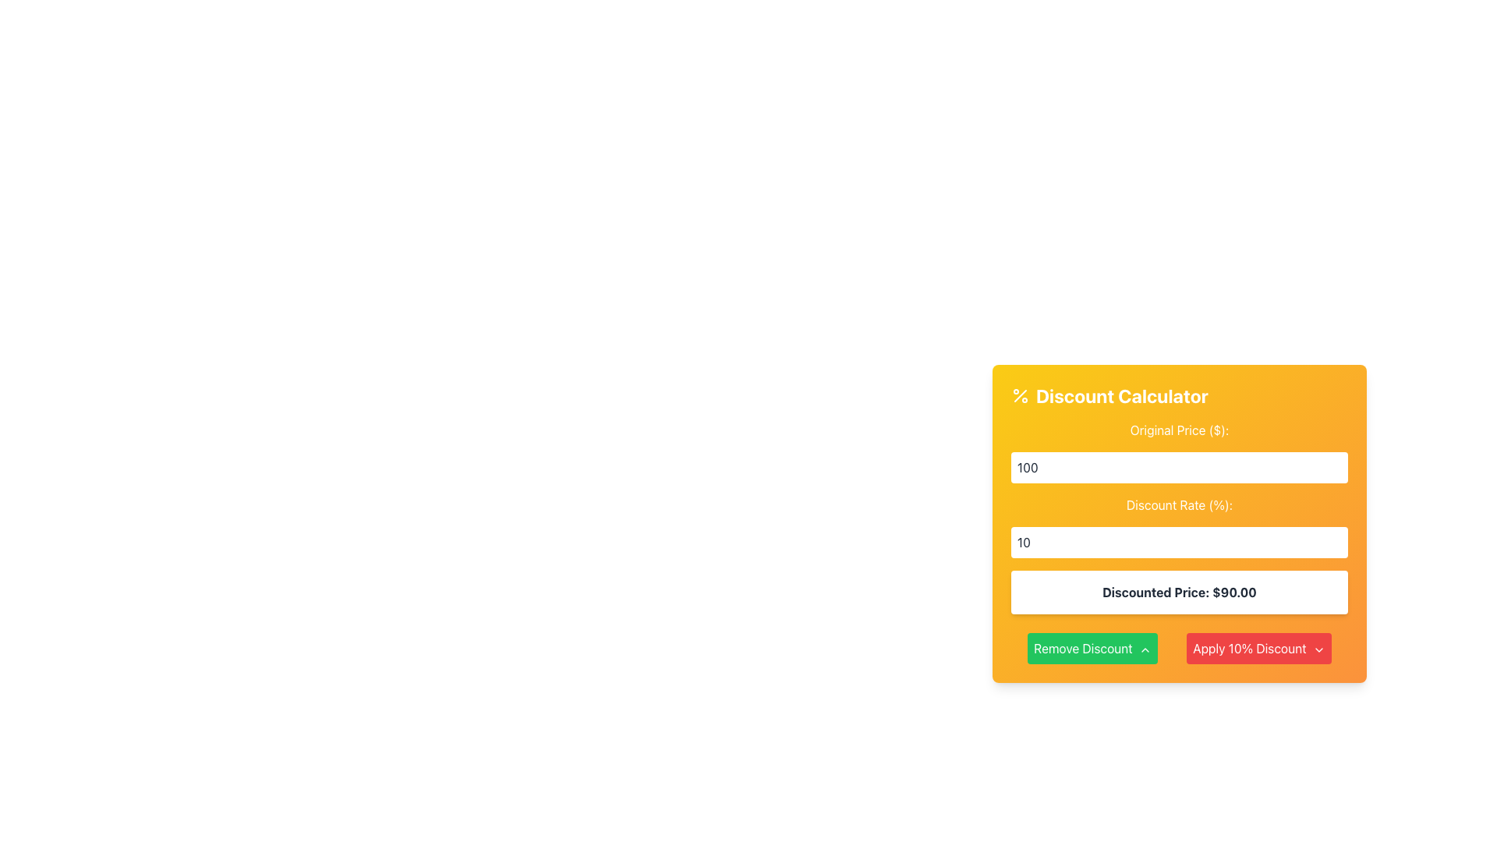  I want to click on the non-interactive graphic icon representing a percentage in the top left corner of the 'Discount Calculator' panel, so click(1021, 395).